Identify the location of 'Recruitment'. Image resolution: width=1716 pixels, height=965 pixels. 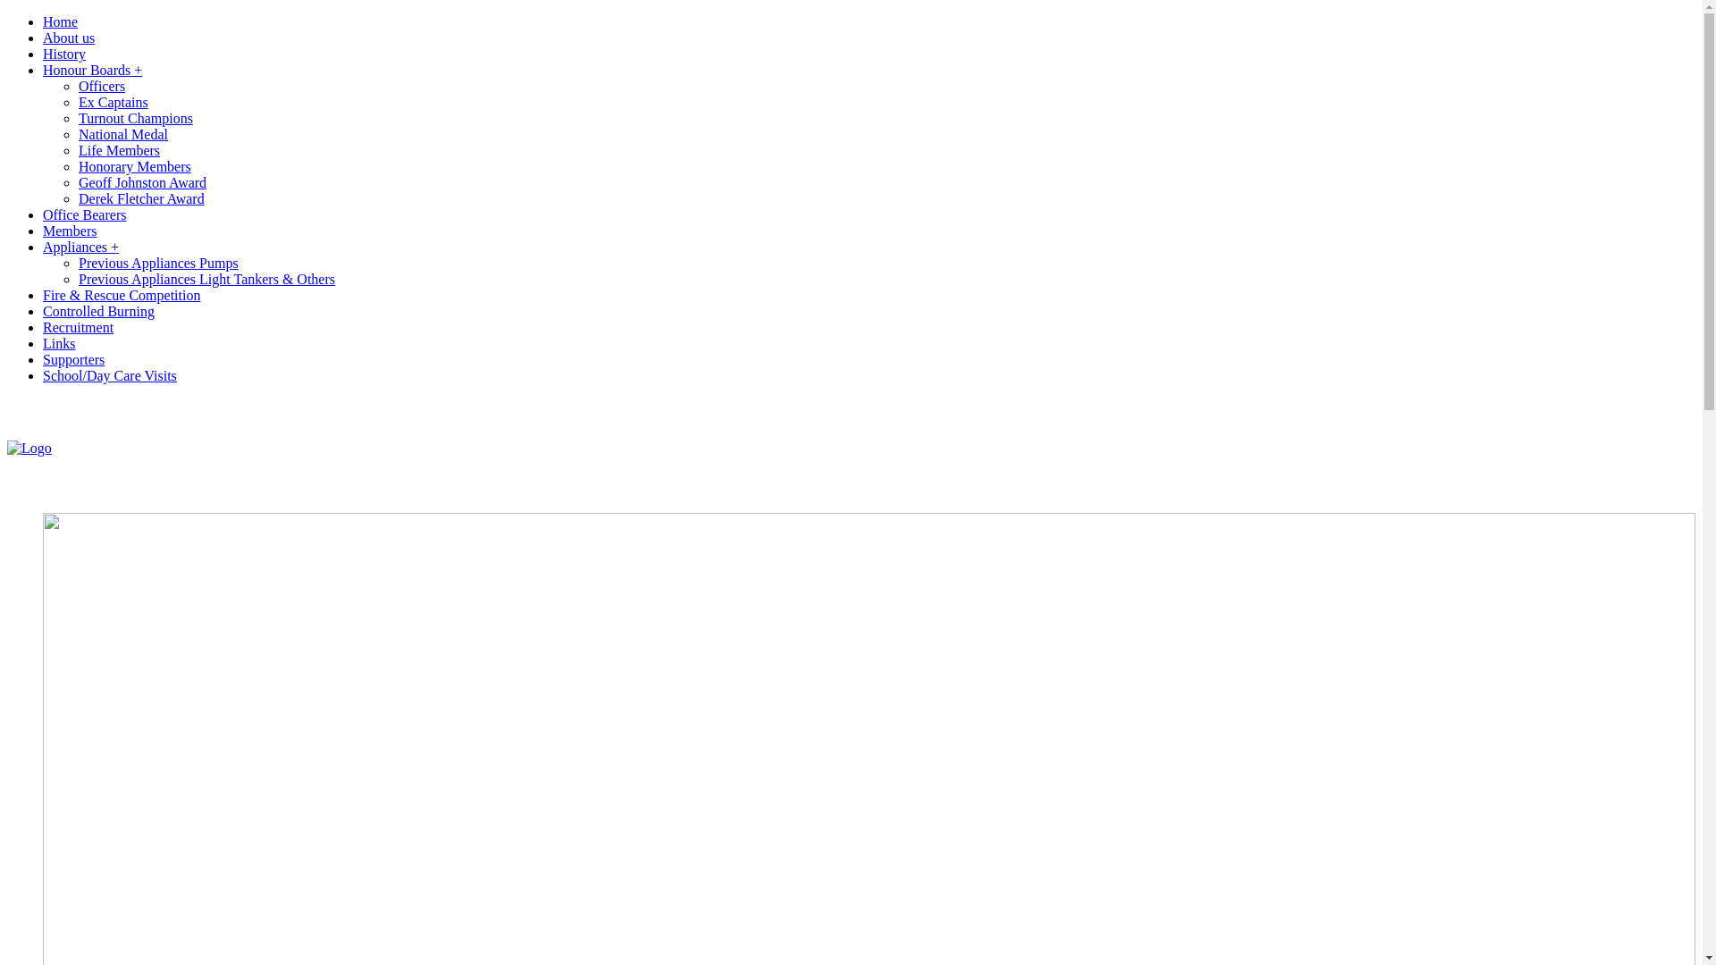
(43, 327).